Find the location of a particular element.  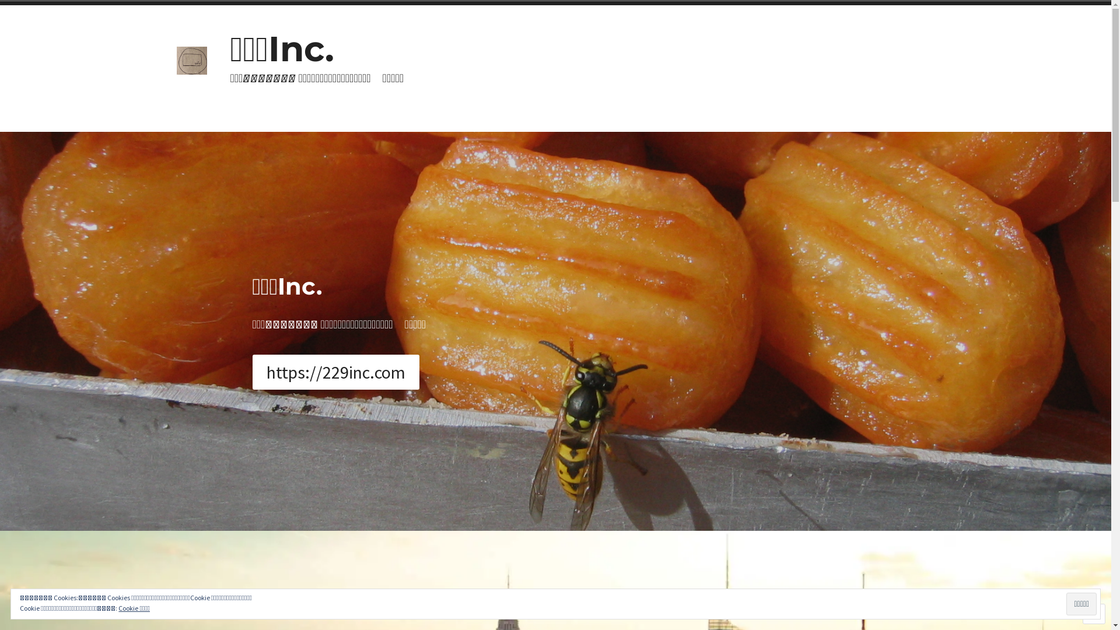

'https://229inc.com' is located at coordinates (335, 372).